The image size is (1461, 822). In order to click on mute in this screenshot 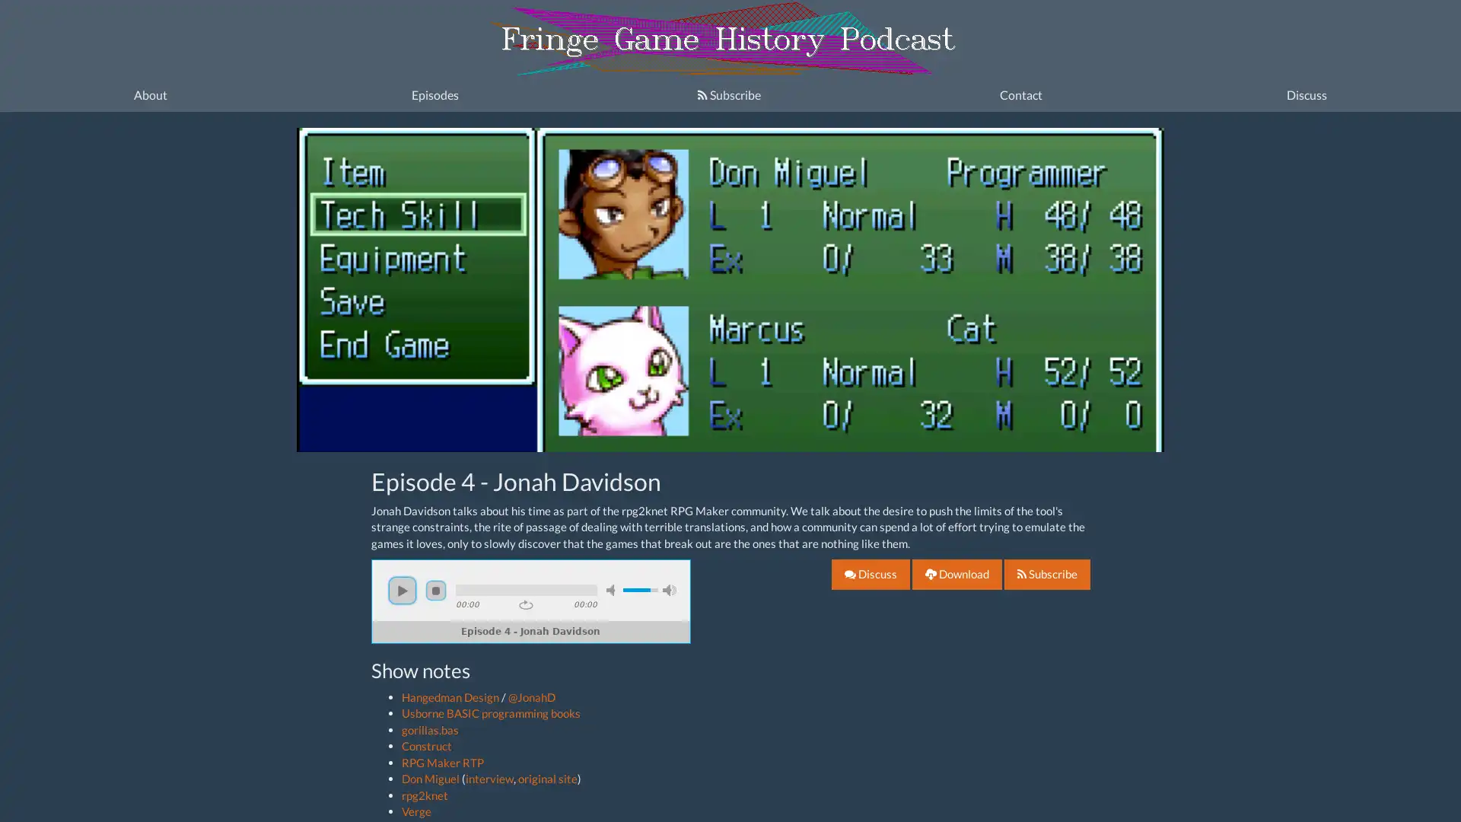, I will do `click(613, 589)`.